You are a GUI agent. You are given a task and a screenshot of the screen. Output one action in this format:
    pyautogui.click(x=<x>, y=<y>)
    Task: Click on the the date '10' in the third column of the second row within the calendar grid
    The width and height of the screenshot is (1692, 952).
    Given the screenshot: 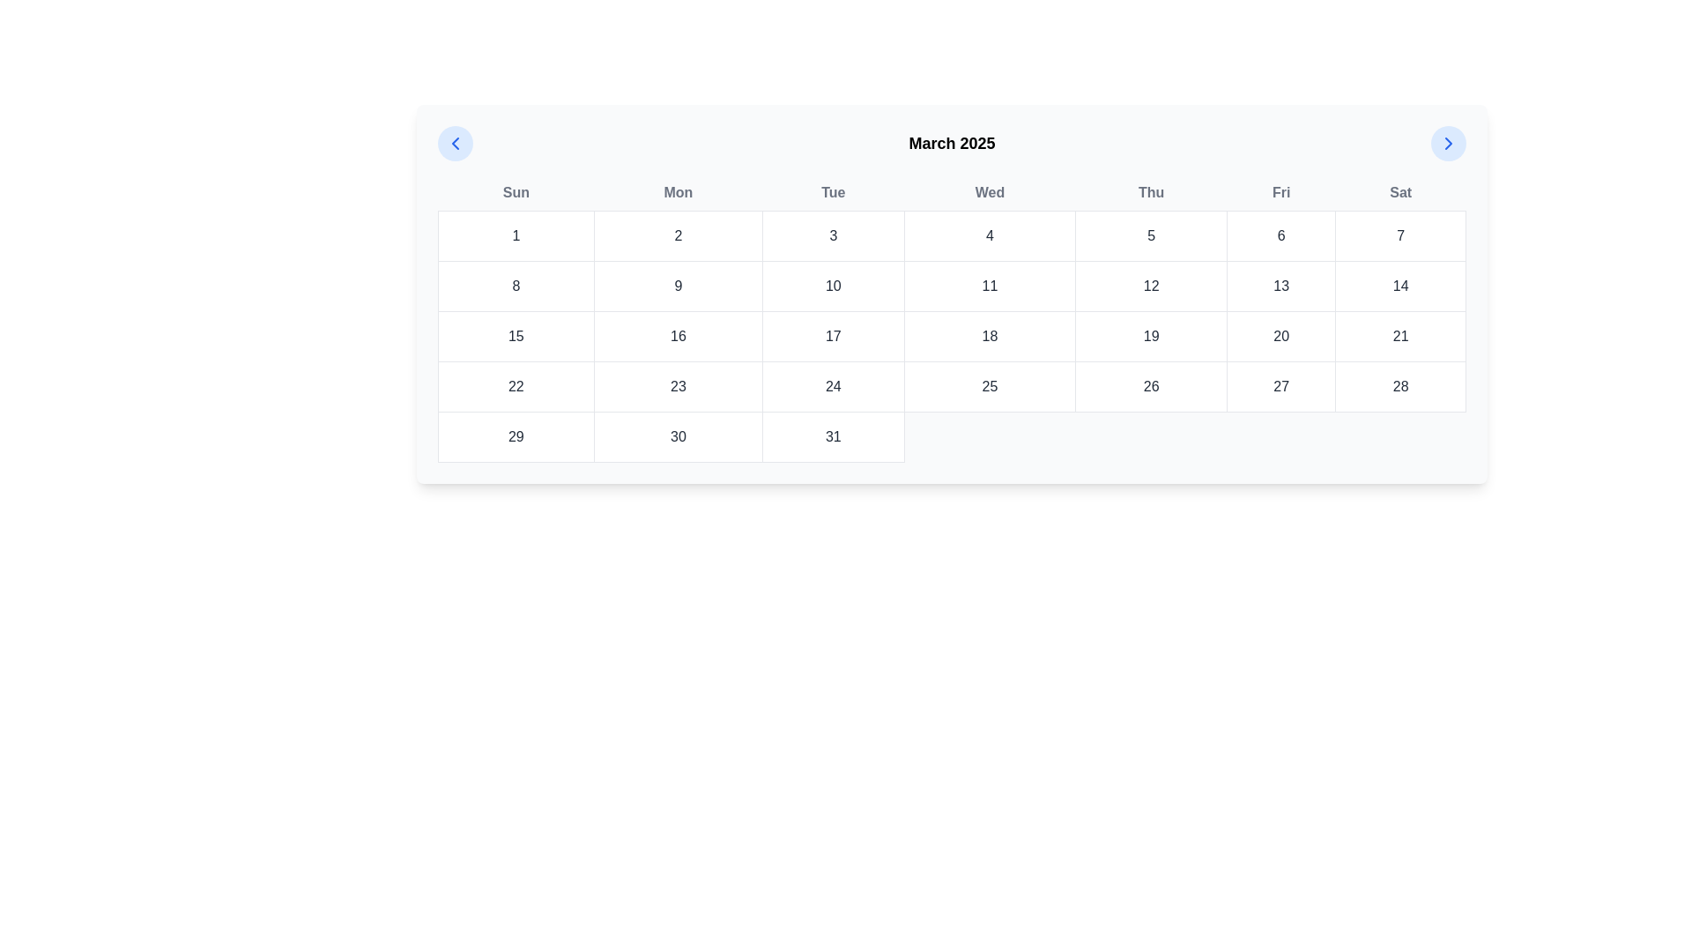 What is the action you would take?
    pyautogui.click(x=832, y=285)
    